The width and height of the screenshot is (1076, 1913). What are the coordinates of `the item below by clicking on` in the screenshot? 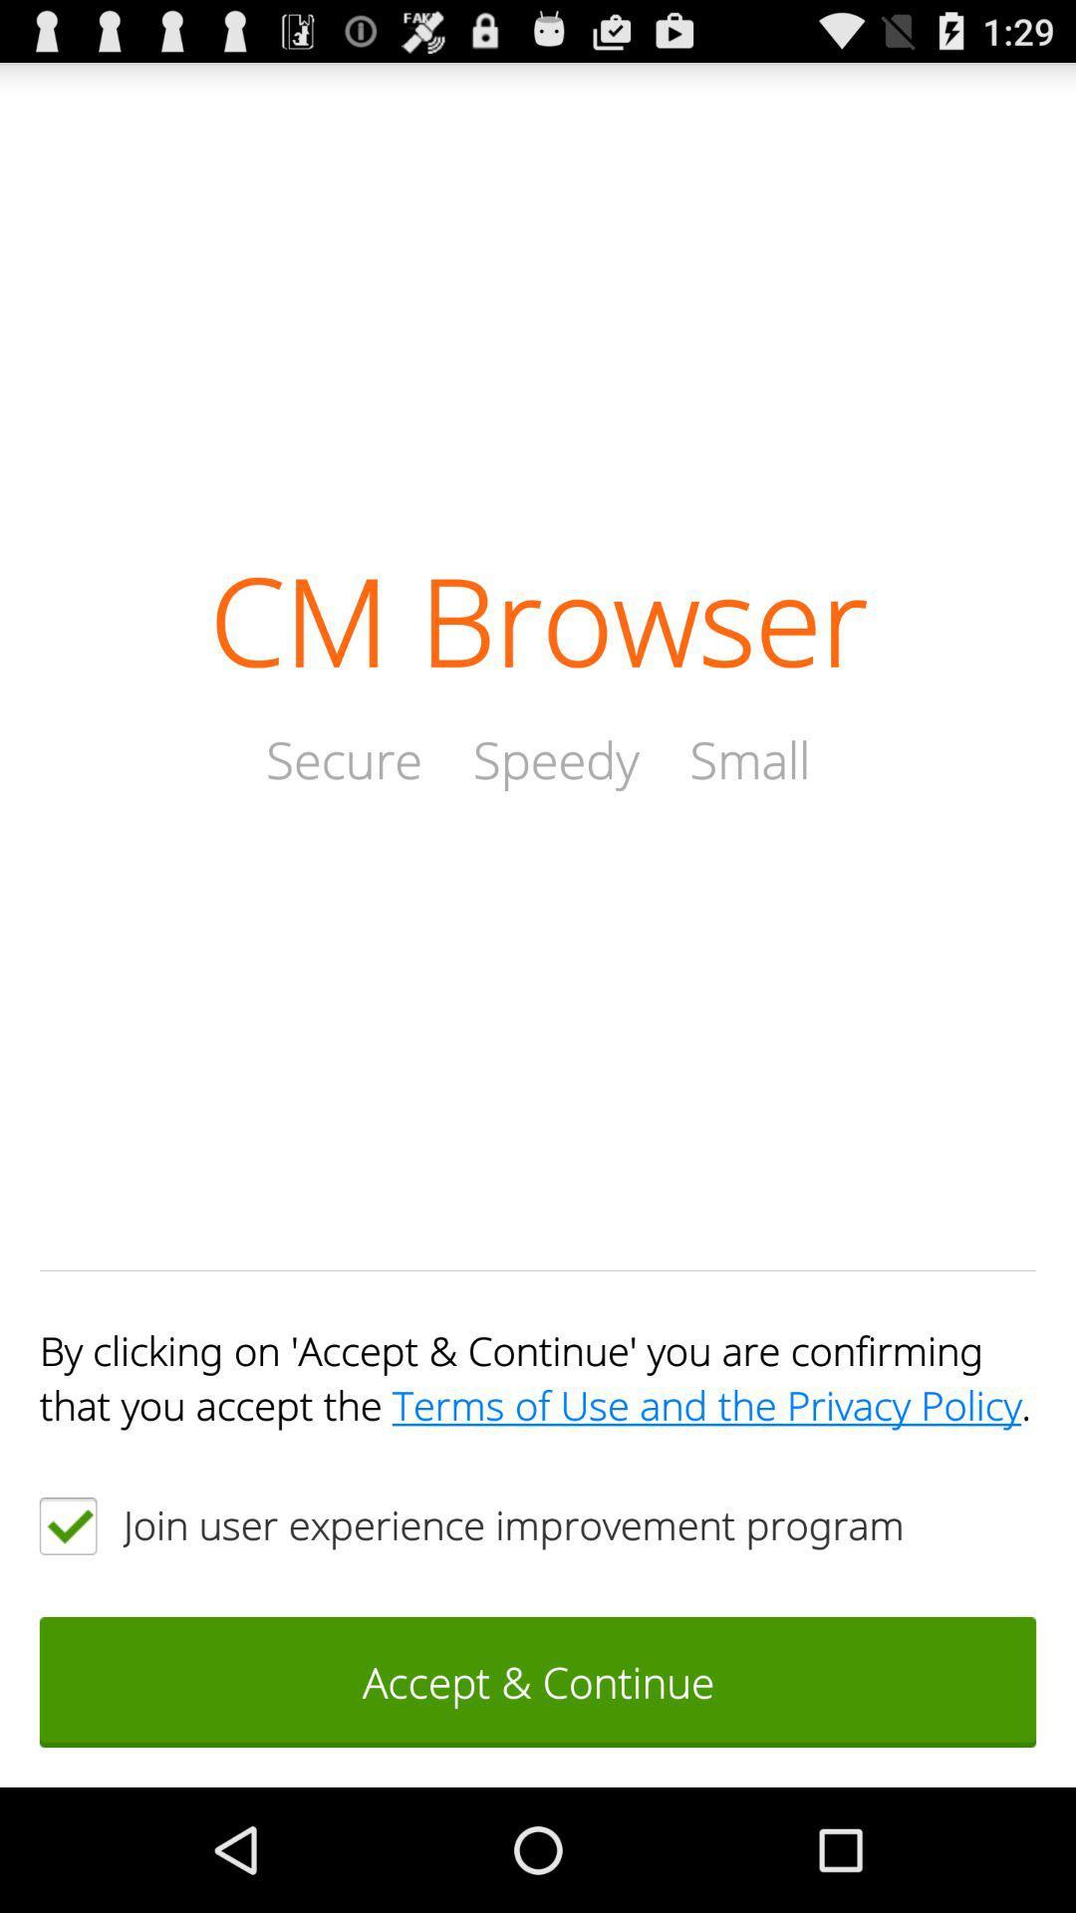 It's located at (67, 1524).